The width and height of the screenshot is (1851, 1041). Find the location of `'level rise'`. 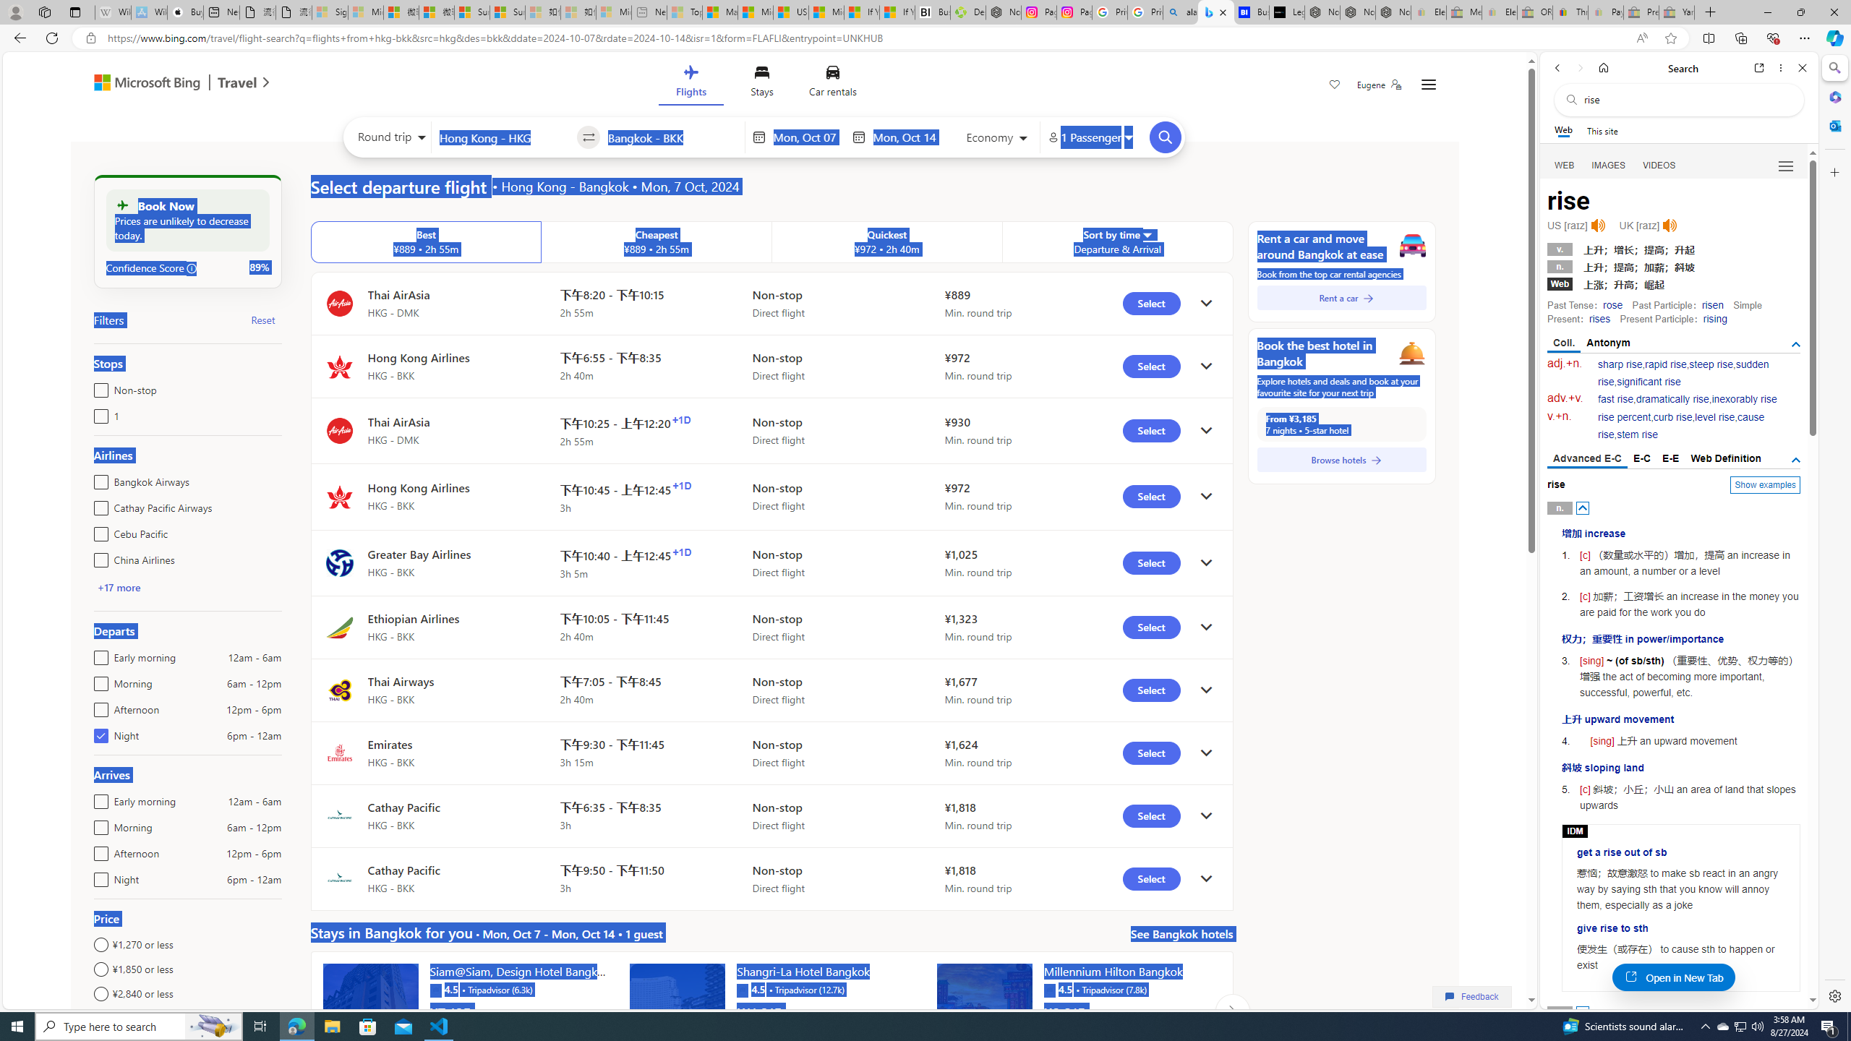

'level rise' is located at coordinates (1715, 417).